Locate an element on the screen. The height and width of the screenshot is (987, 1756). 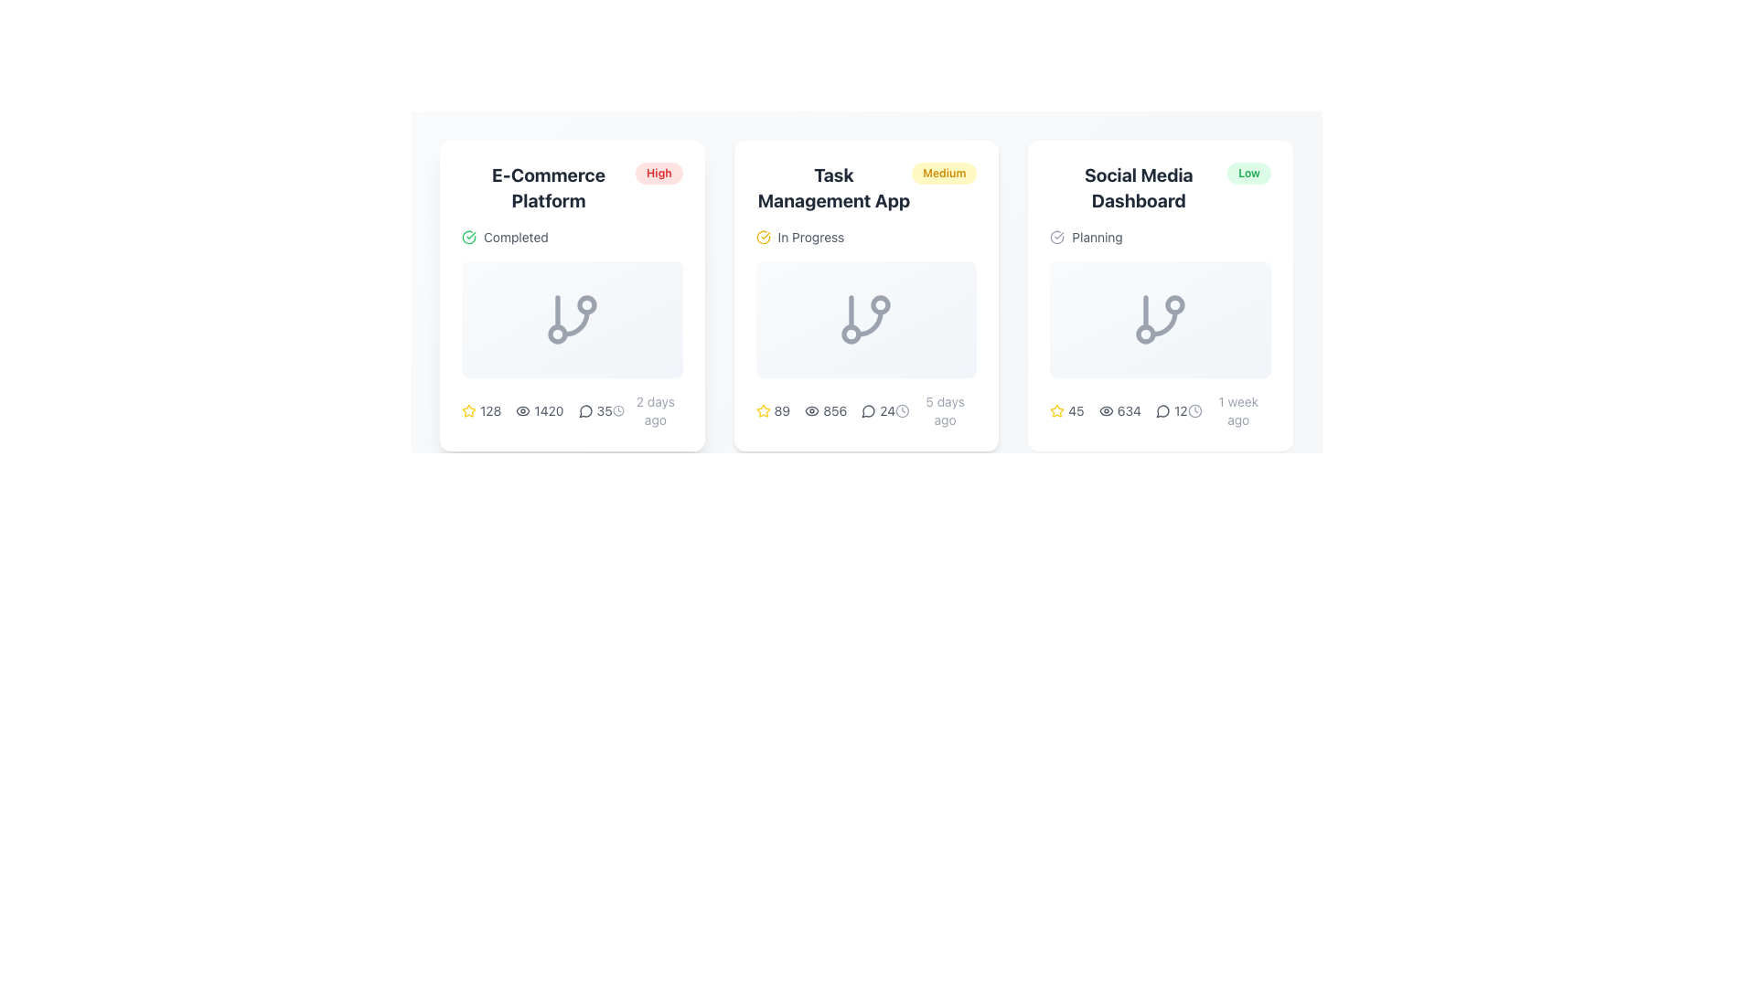
the comments icon located to the left of the number '24' in the Task Management App is located at coordinates (868, 411).